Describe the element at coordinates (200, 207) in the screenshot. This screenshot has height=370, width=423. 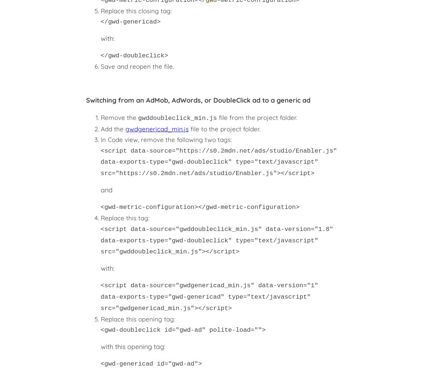
I see `'<gwd-metric-configuration></gwd-metric-configuration>'` at that location.